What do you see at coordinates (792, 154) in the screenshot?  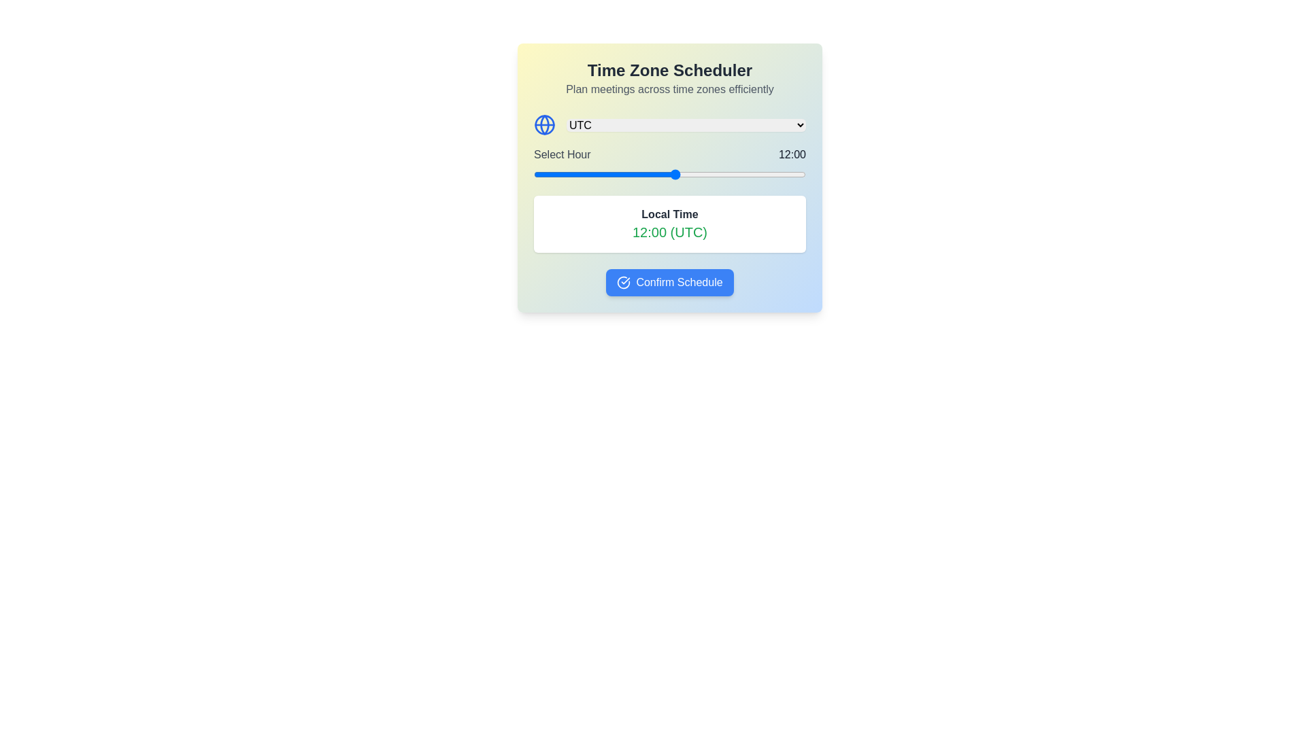 I see `the static text label displaying '12:00', which is positioned to the right of the 'Select Hour' label and aligned with a time selector widget` at bounding box center [792, 154].